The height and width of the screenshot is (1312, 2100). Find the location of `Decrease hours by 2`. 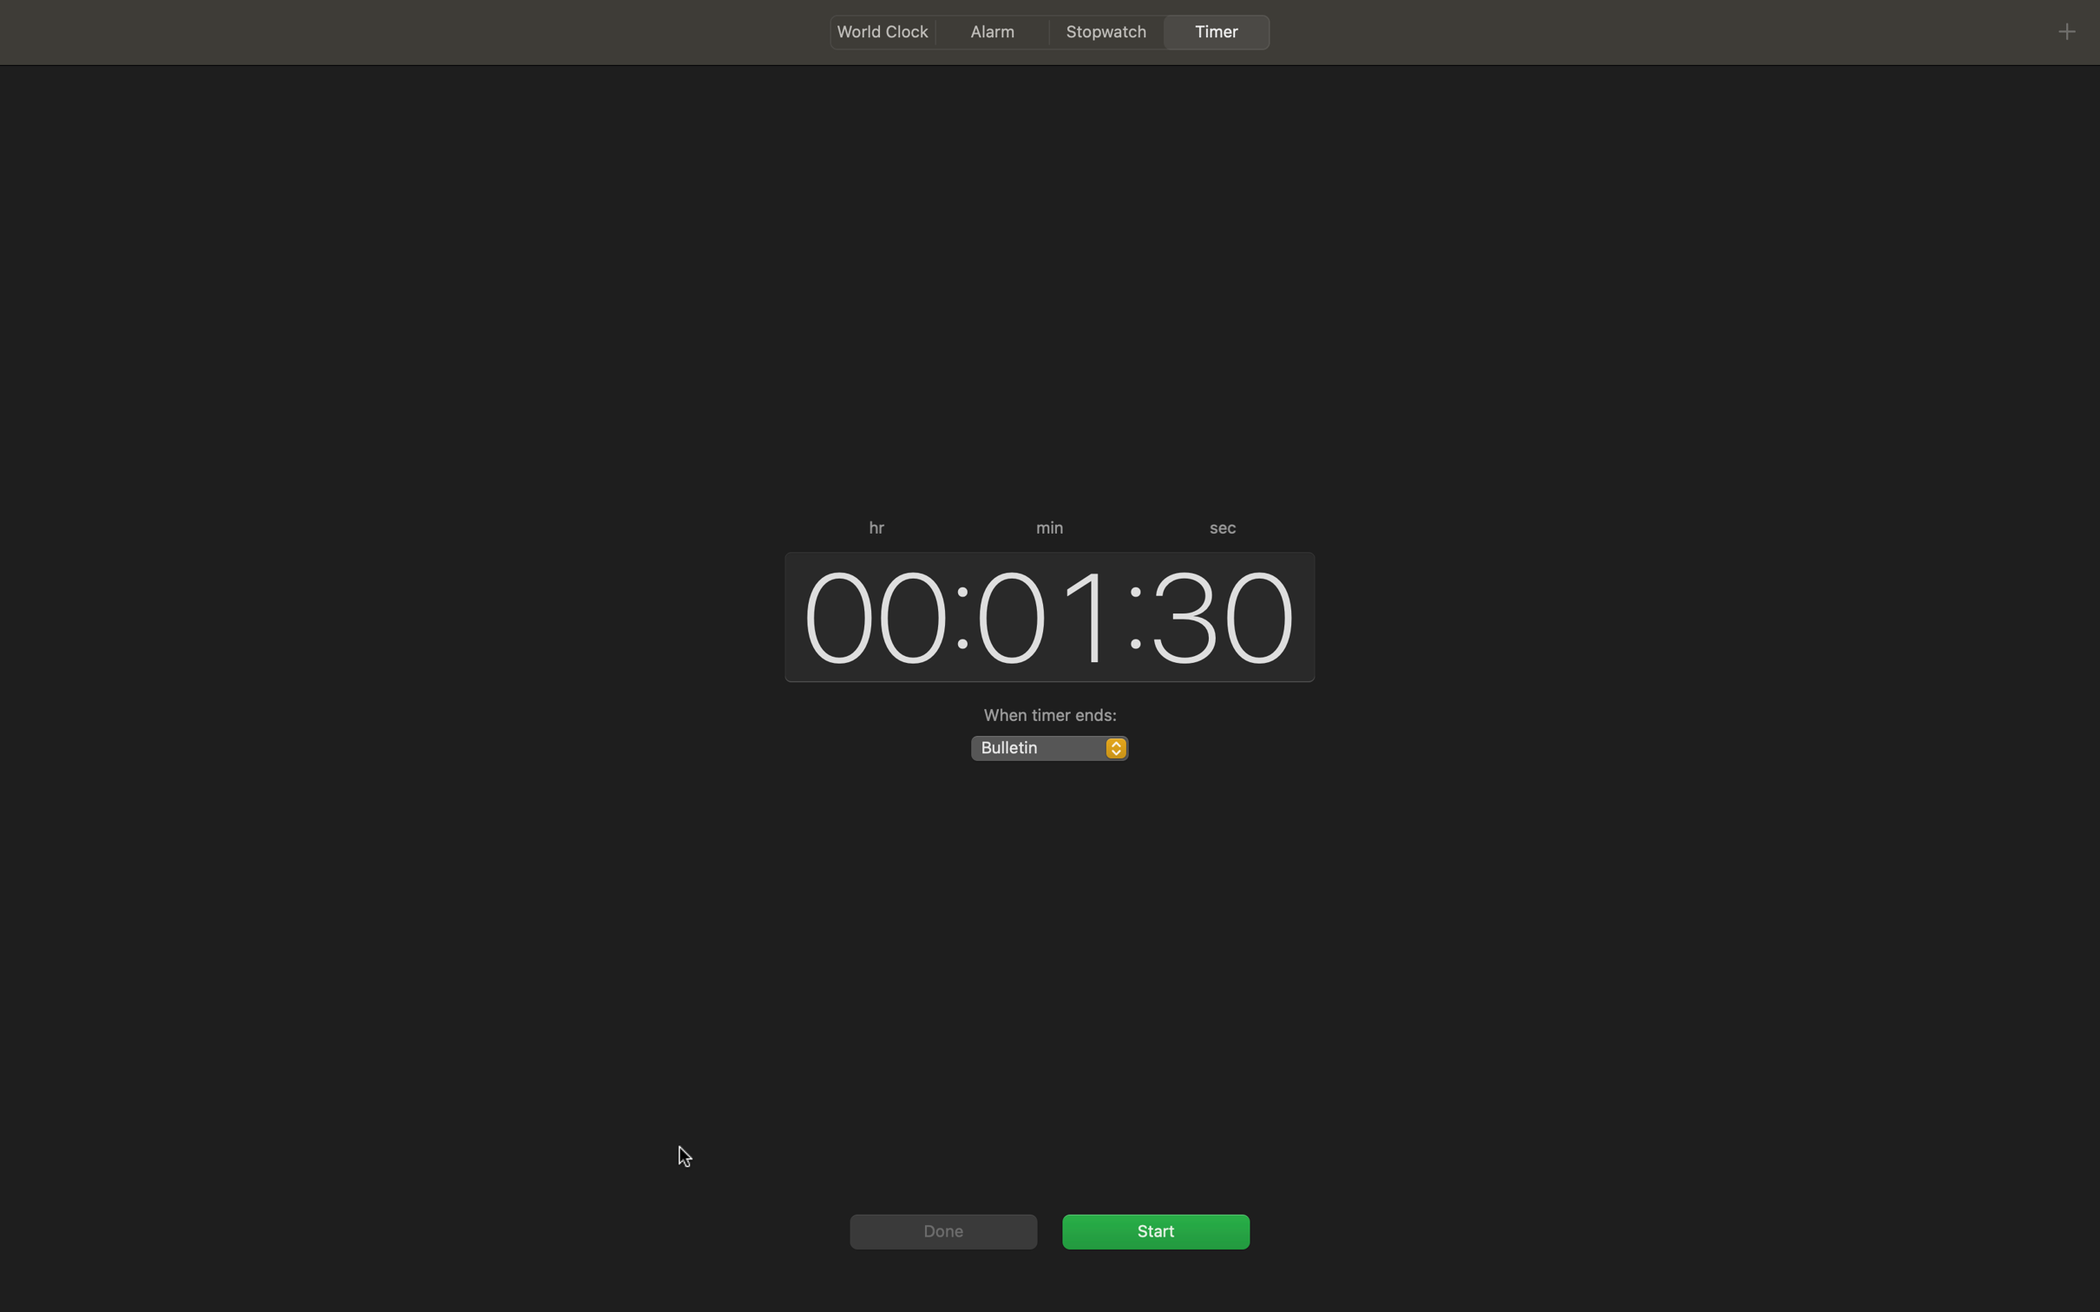

Decrease hours by 2 is located at coordinates (868, 613).